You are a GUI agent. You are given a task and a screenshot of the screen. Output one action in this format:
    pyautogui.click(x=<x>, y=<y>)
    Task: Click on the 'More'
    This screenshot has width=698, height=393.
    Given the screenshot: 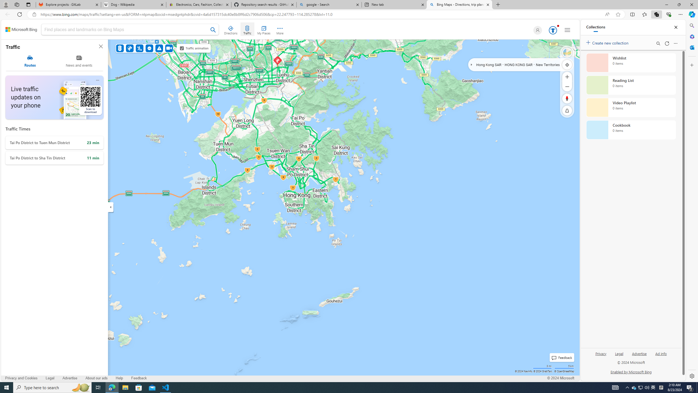 What is the action you would take?
    pyautogui.click(x=280, y=29)
    